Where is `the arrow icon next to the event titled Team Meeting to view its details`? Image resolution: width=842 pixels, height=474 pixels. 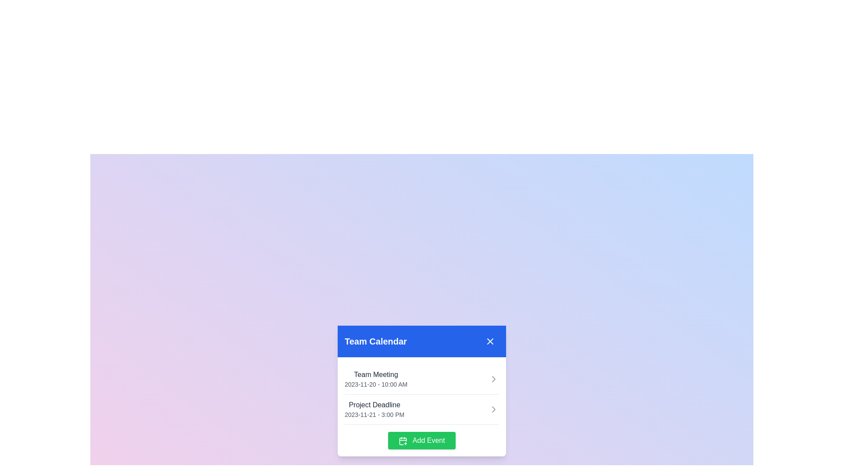
the arrow icon next to the event titled Team Meeting to view its details is located at coordinates (494, 379).